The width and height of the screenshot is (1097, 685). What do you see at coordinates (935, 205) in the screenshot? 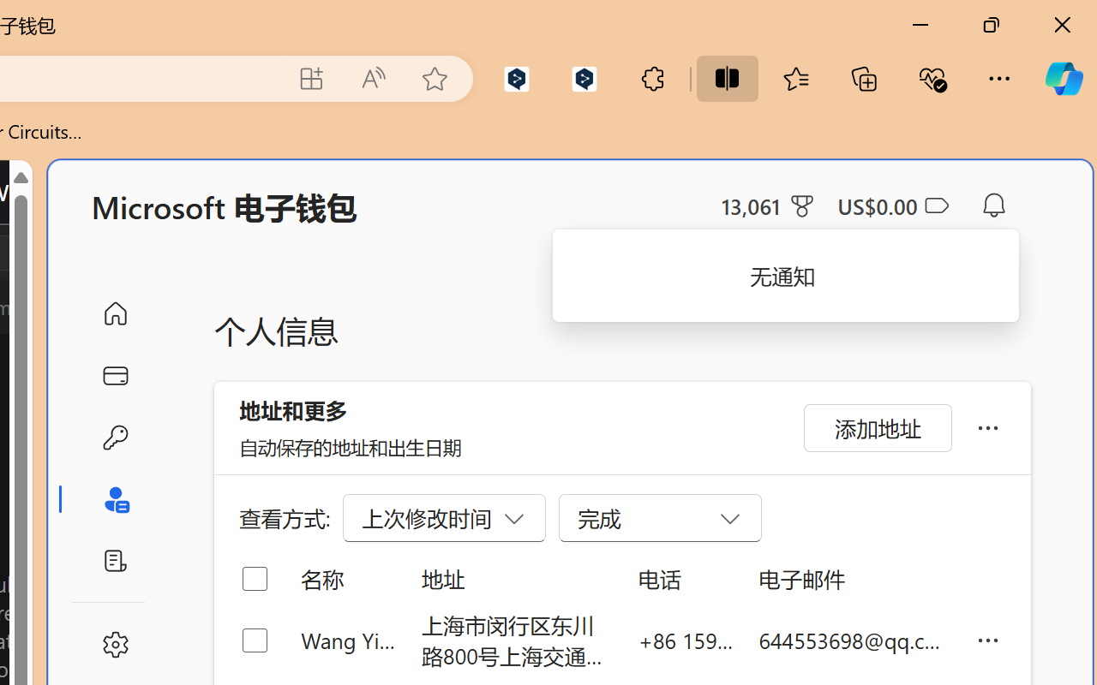
I see `'Class: ___1lmltc5 f1agt3bx f12qytpq'` at bounding box center [935, 205].